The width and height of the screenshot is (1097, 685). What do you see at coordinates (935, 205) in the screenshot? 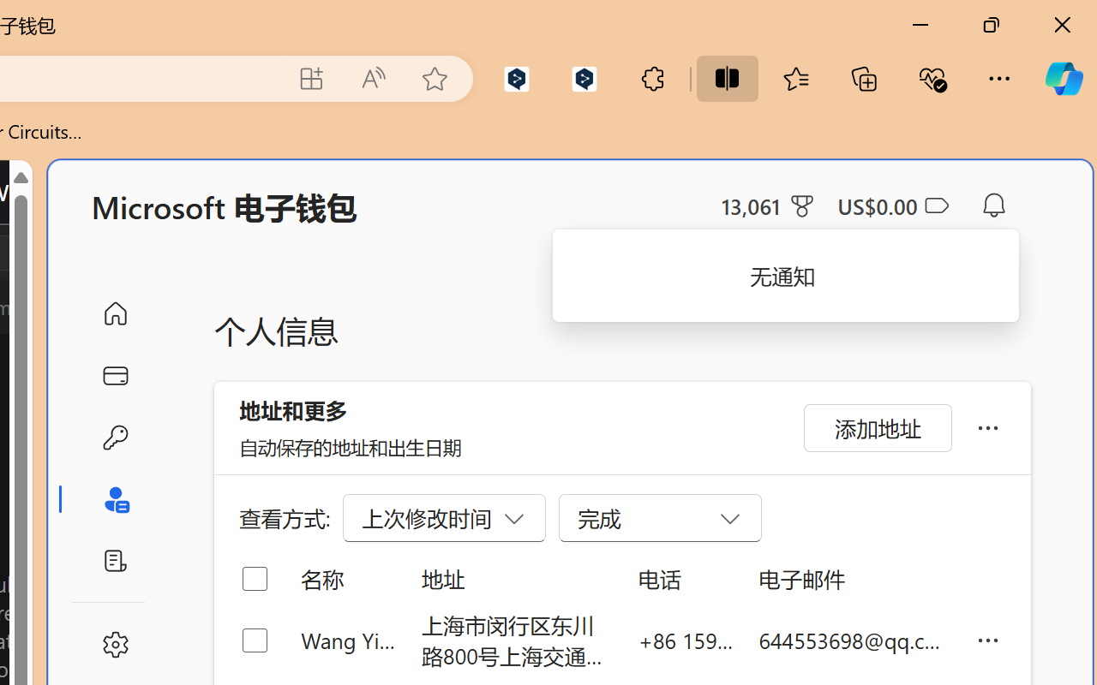
I see `'Class: ___1lmltc5 f1agt3bx f12qytpq'` at bounding box center [935, 205].